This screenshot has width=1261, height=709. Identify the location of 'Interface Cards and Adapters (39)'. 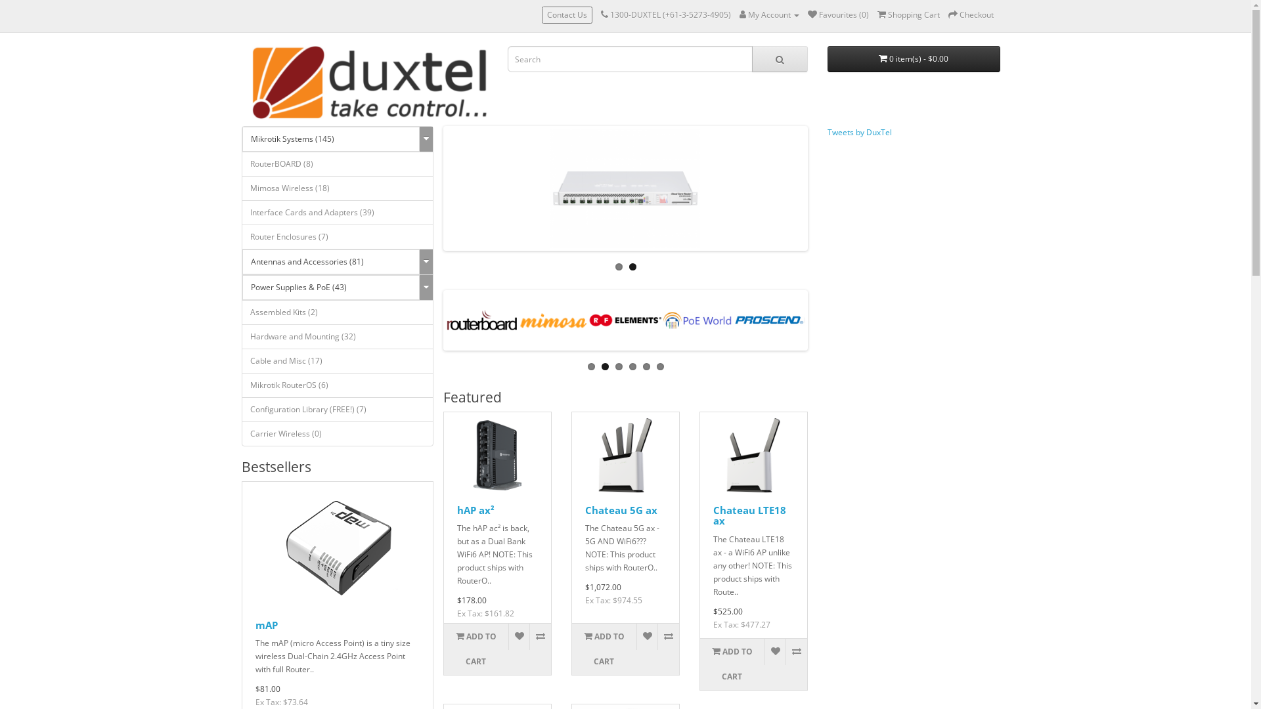
(338, 212).